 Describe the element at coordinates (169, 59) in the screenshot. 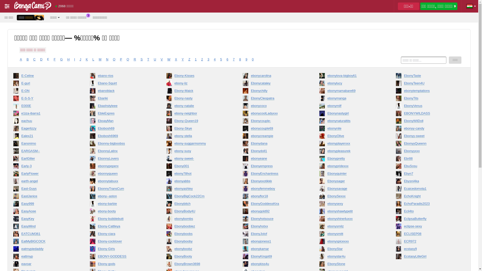

I see `'W'` at that location.